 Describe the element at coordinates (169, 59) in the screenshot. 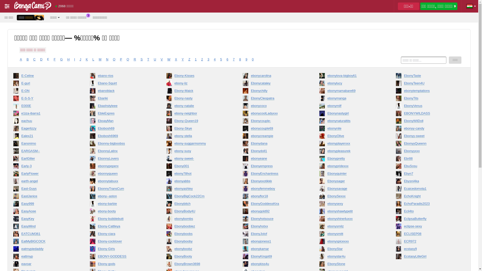

I see `'W'` at that location.